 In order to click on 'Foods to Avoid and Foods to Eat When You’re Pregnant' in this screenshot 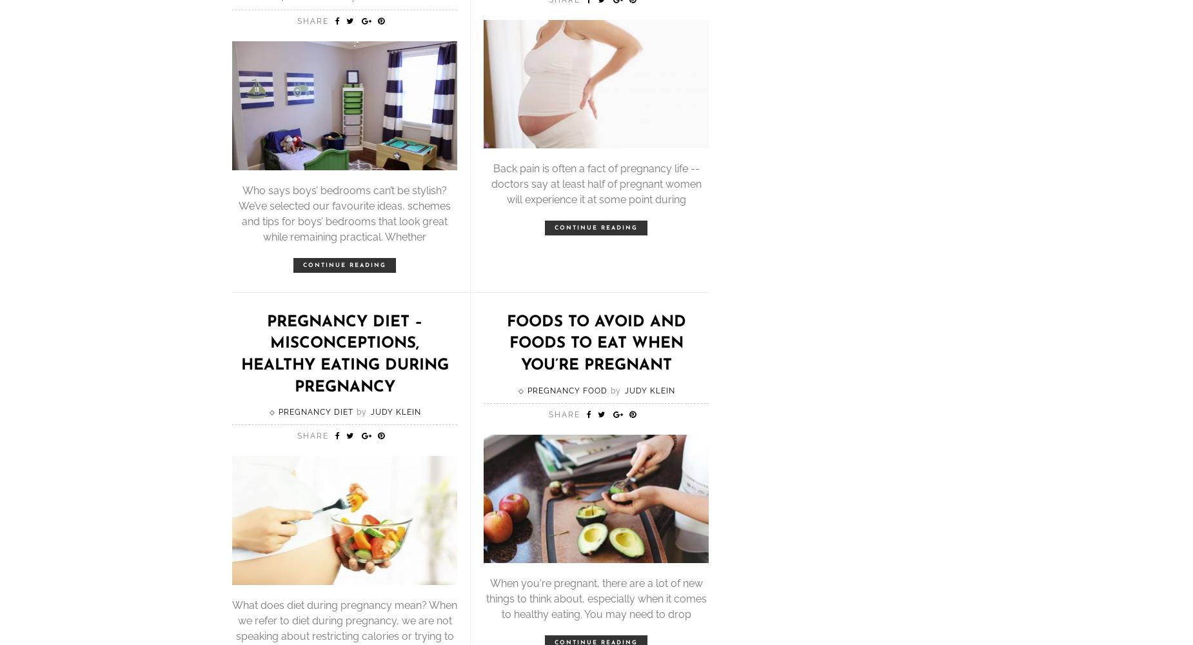, I will do `click(596, 343)`.